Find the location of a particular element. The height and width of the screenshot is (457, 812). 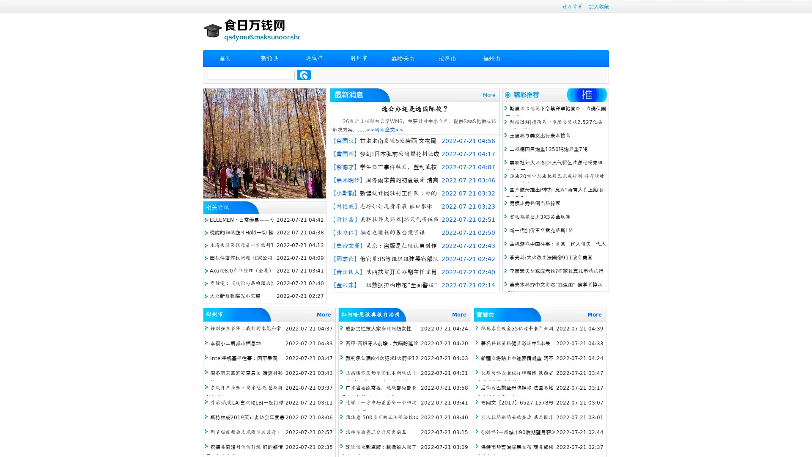

Search is located at coordinates (304, 74).